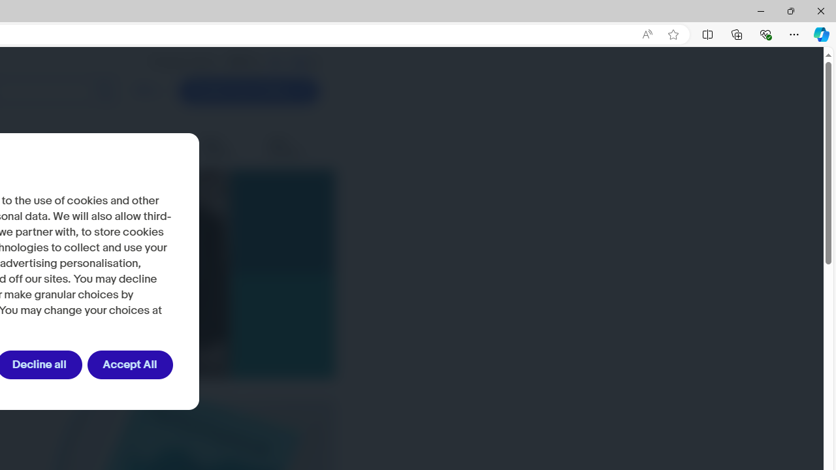  Describe the element at coordinates (225, 147) in the screenshot. I see `'Seller updates'` at that location.